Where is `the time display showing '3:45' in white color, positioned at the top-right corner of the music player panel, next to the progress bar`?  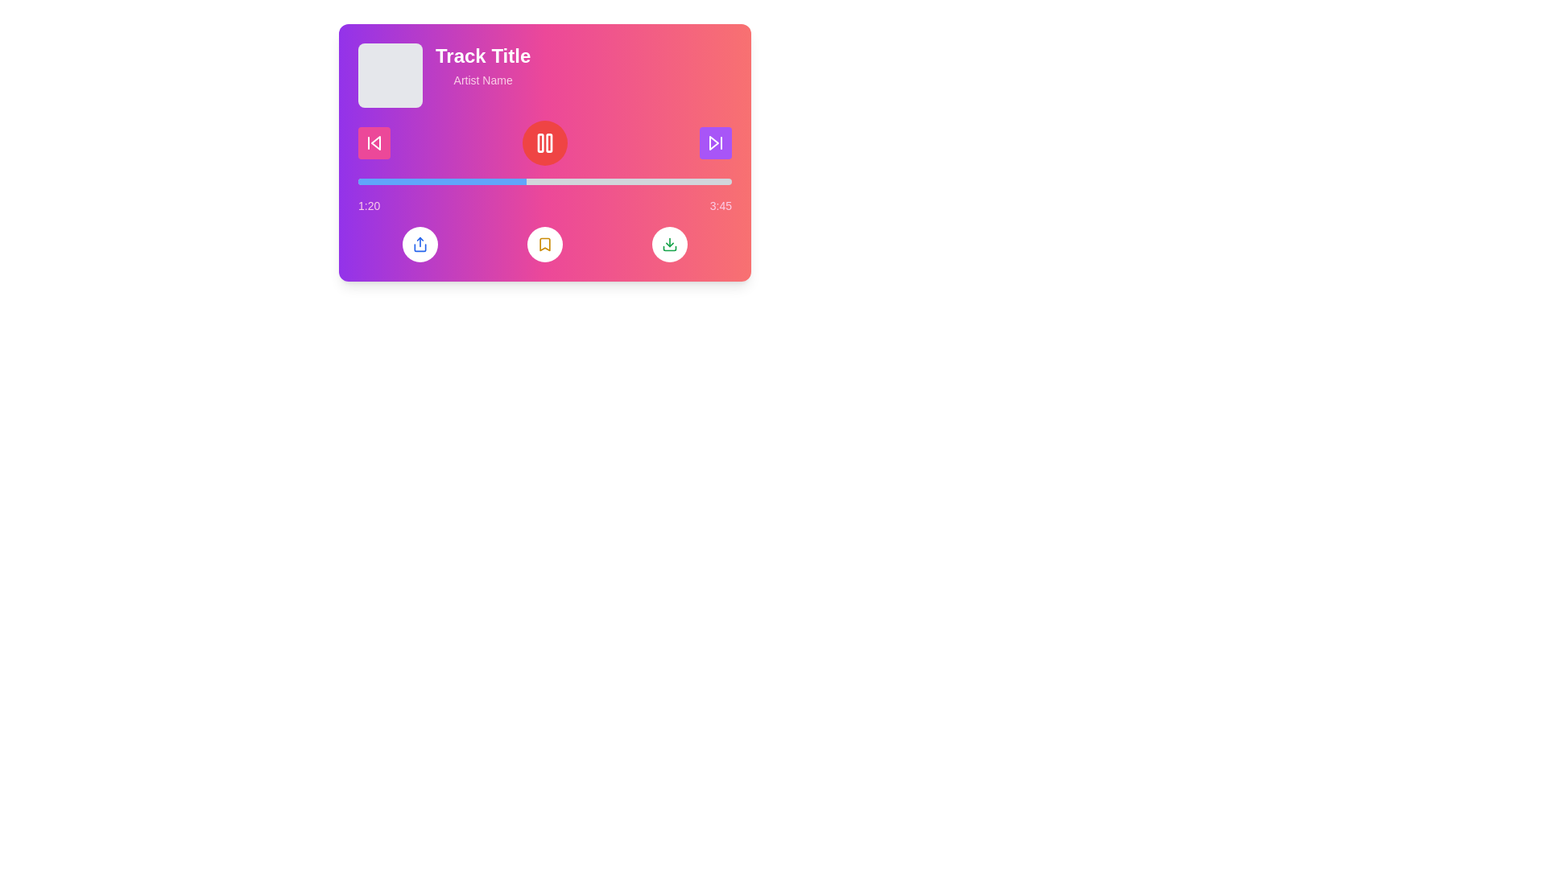 the time display showing '3:45' in white color, positioned at the top-right corner of the music player panel, next to the progress bar is located at coordinates (720, 204).